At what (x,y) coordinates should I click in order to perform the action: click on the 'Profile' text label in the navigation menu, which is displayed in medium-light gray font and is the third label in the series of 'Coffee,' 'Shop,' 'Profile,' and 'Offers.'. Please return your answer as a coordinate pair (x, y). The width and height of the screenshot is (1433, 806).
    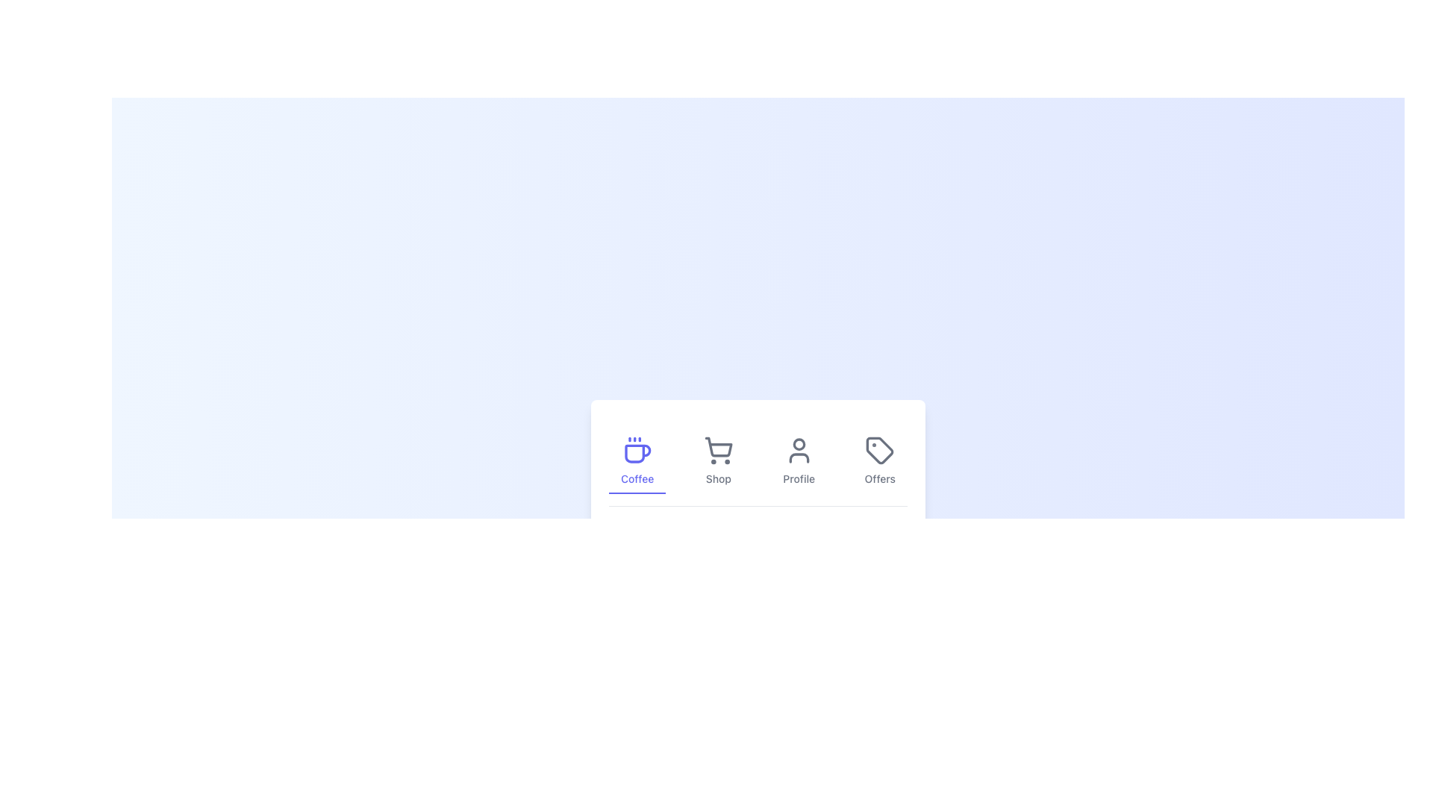
    Looking at the image, I should click on (798, 478).